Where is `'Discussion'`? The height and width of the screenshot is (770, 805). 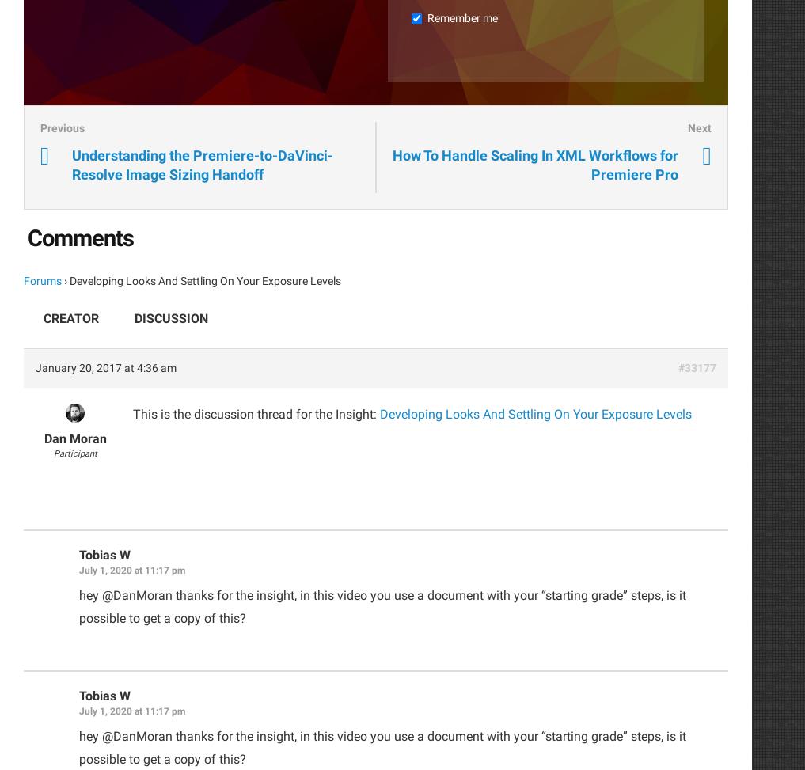
'Discussion' is located at coordinates (171, 317).